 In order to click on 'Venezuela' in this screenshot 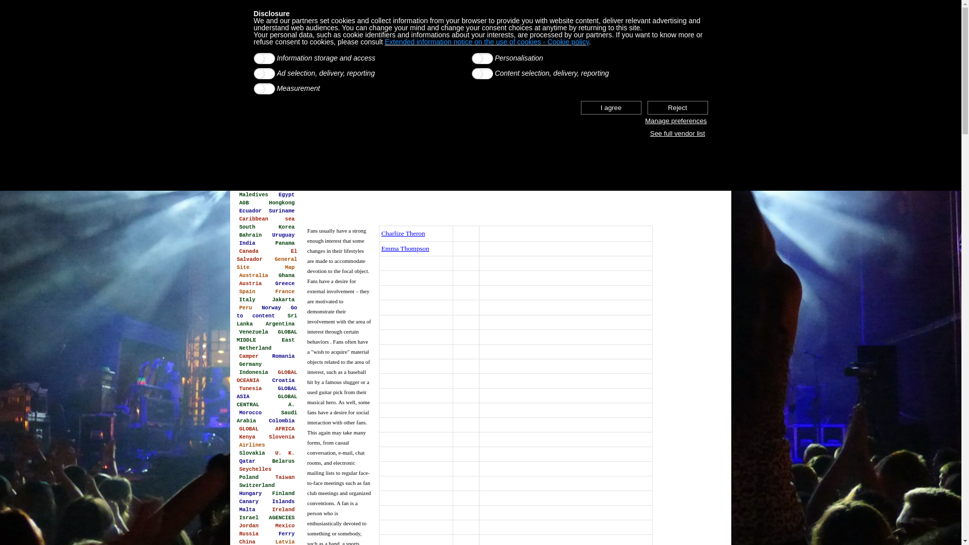, I will do `click(254, 332)`.